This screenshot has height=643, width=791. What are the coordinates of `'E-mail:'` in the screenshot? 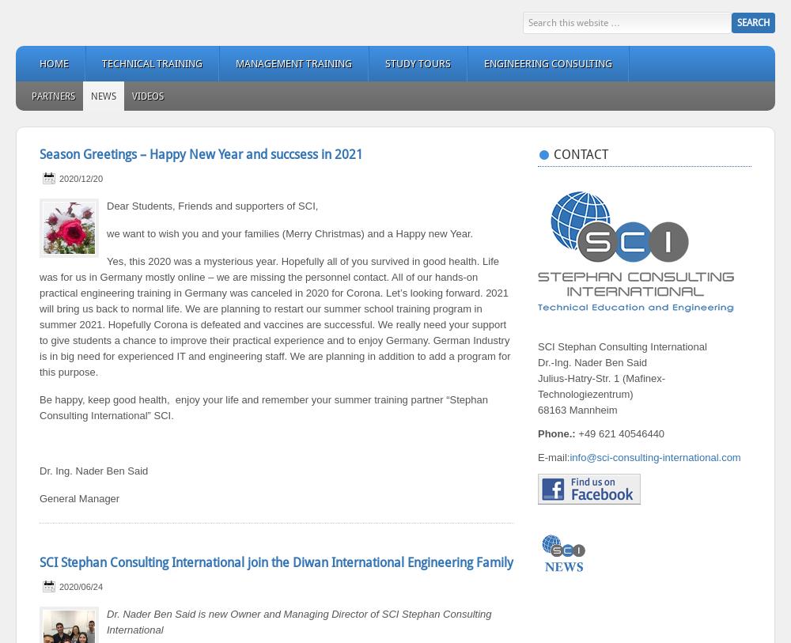 It's located at (538, 457).